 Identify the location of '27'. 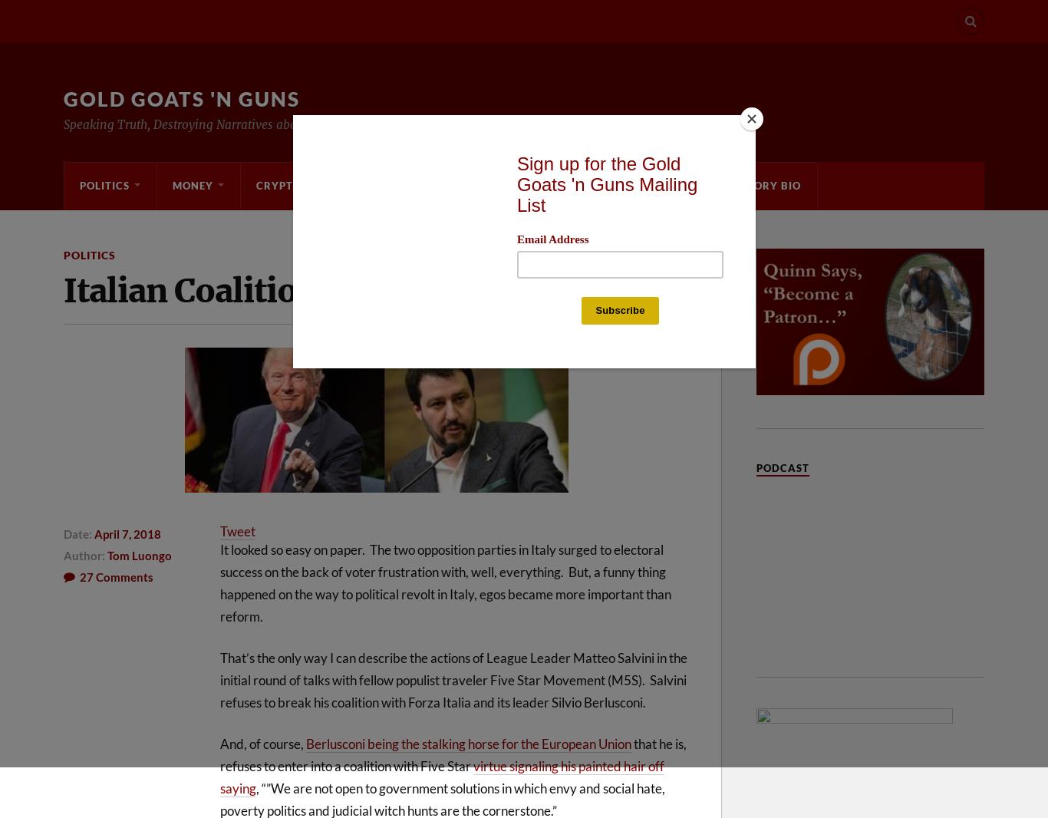
(86, 575).